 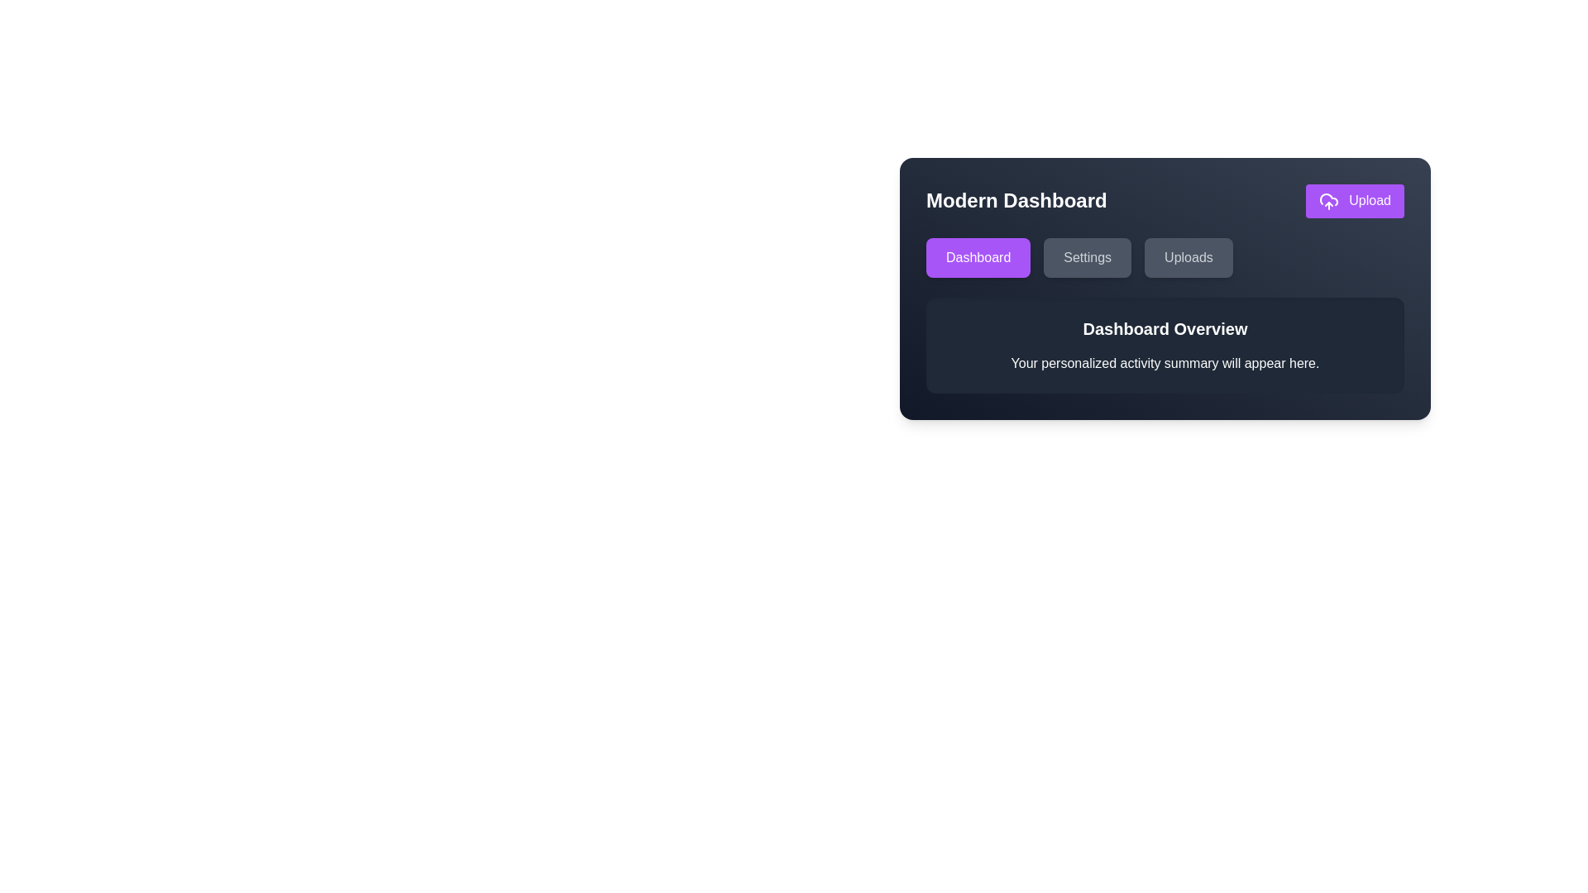 I want to click on the 'Uploads' button, which is the third button in a horizontal bar at the top of the interface, so click(x=1187, y=257).